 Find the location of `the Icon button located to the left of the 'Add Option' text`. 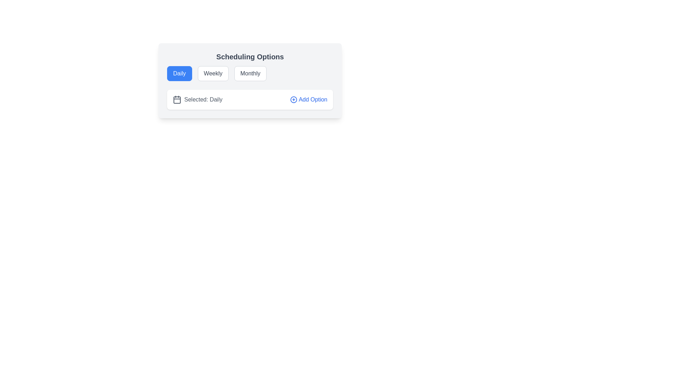

the Icon button located to the left of the 'Add Option' text is located at coordinates (293, 99).